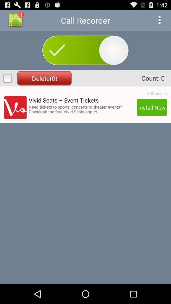 This screenshot has width=171, height=304. I want to click on the install now button, so click(151, 107).